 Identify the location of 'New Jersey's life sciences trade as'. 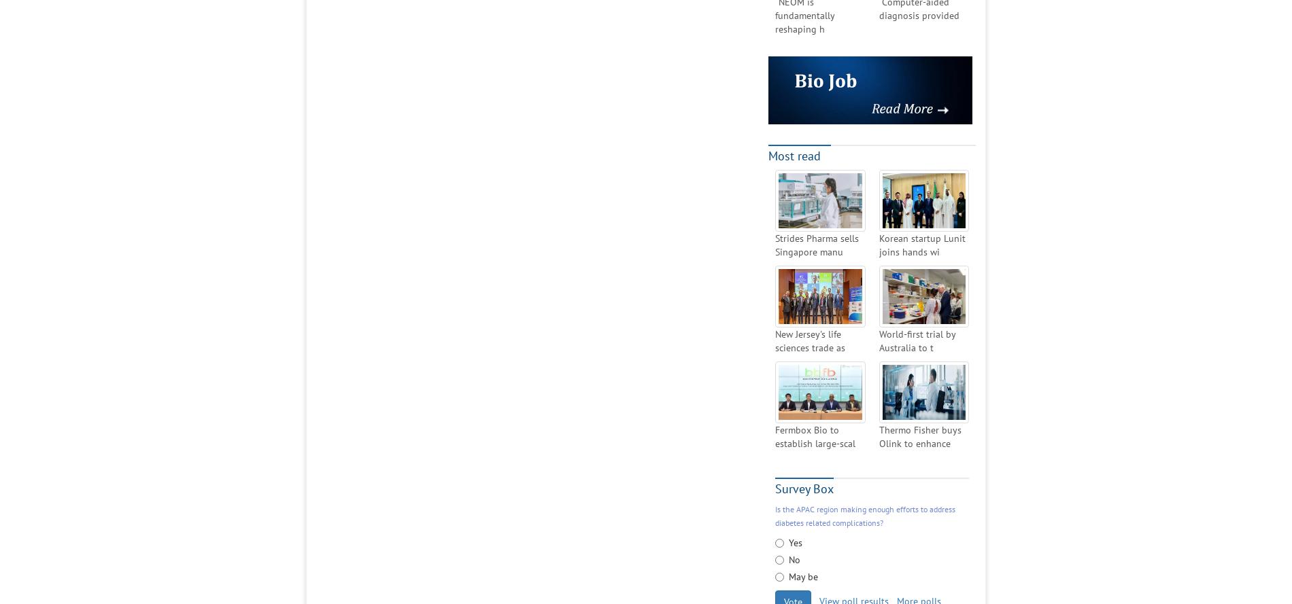
(809, 340).